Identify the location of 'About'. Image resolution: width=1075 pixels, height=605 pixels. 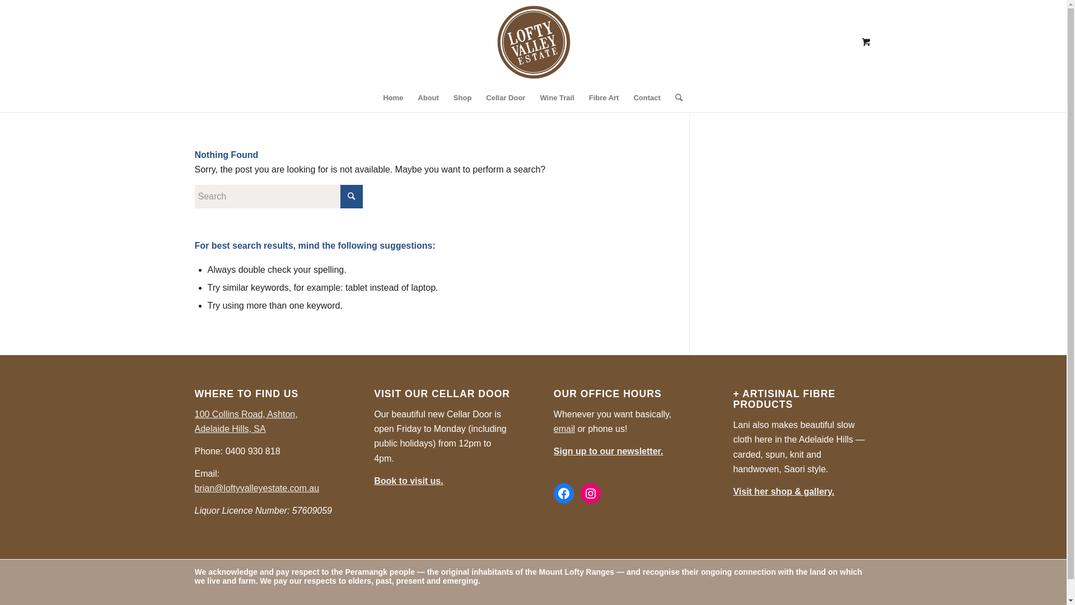
(410, 97).